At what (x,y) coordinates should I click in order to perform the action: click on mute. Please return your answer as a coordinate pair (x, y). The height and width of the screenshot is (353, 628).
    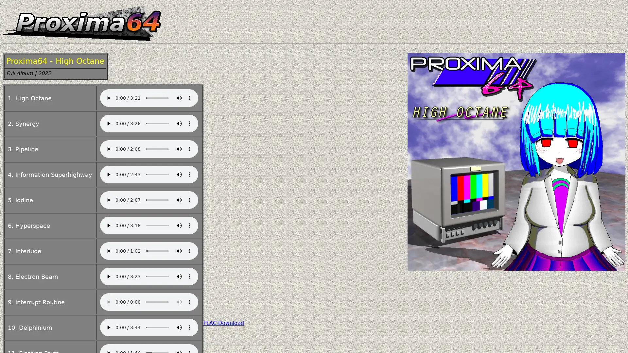
    Looking at the image, I should click on (179, 276).